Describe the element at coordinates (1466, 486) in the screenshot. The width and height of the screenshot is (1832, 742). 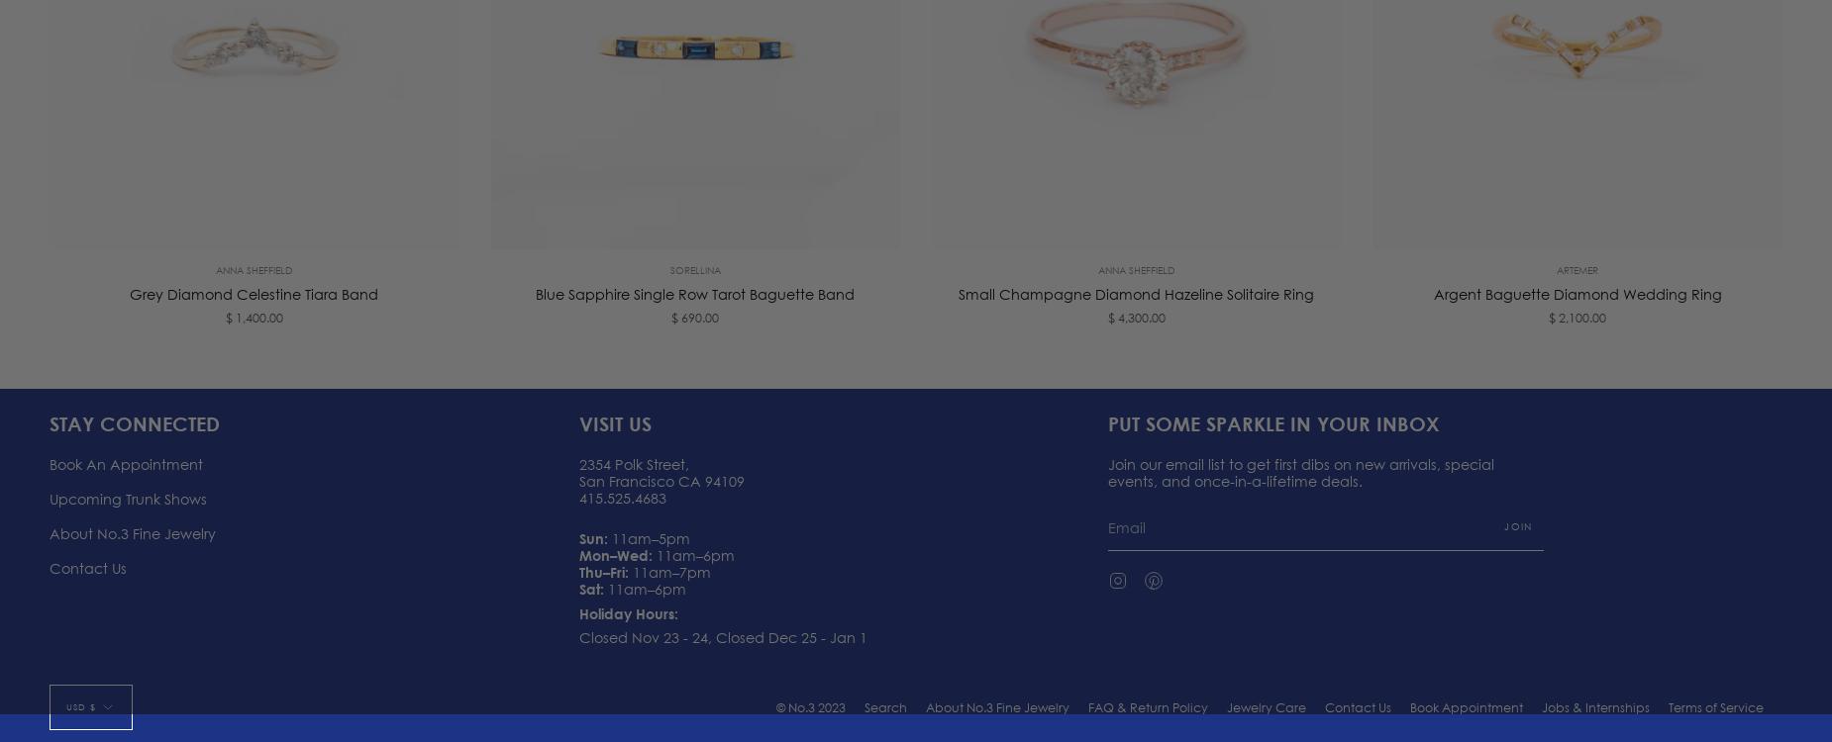
I see `'Book Appointment'` at that location.